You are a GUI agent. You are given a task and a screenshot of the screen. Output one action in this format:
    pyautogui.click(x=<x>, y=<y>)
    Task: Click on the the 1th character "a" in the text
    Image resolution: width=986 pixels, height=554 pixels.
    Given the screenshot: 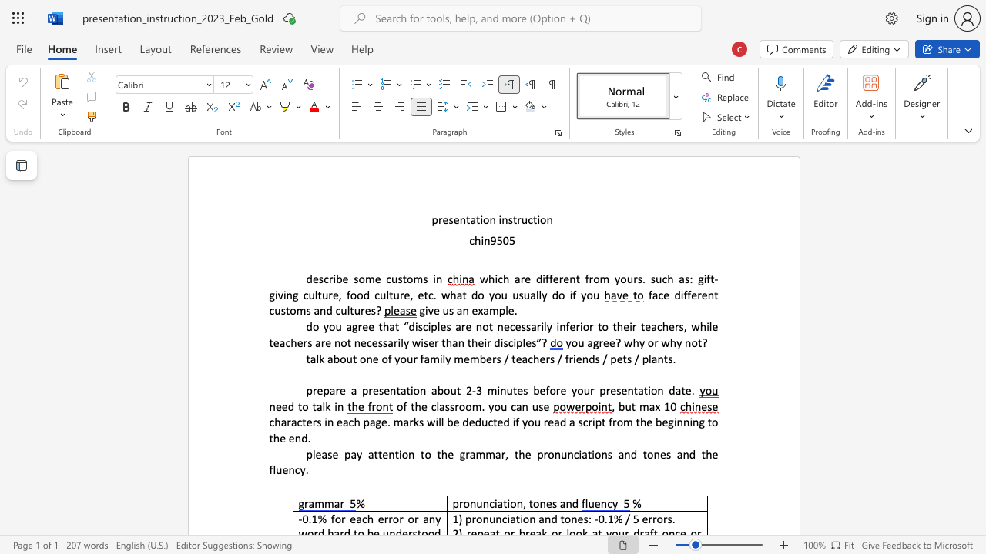 What is the action you would take?
    pyautogui.click(x=472, y=219)
    